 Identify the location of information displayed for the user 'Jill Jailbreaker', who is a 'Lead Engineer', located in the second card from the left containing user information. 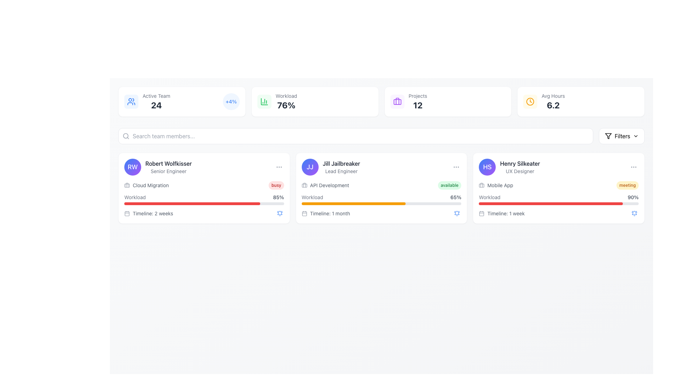
(341, 167).